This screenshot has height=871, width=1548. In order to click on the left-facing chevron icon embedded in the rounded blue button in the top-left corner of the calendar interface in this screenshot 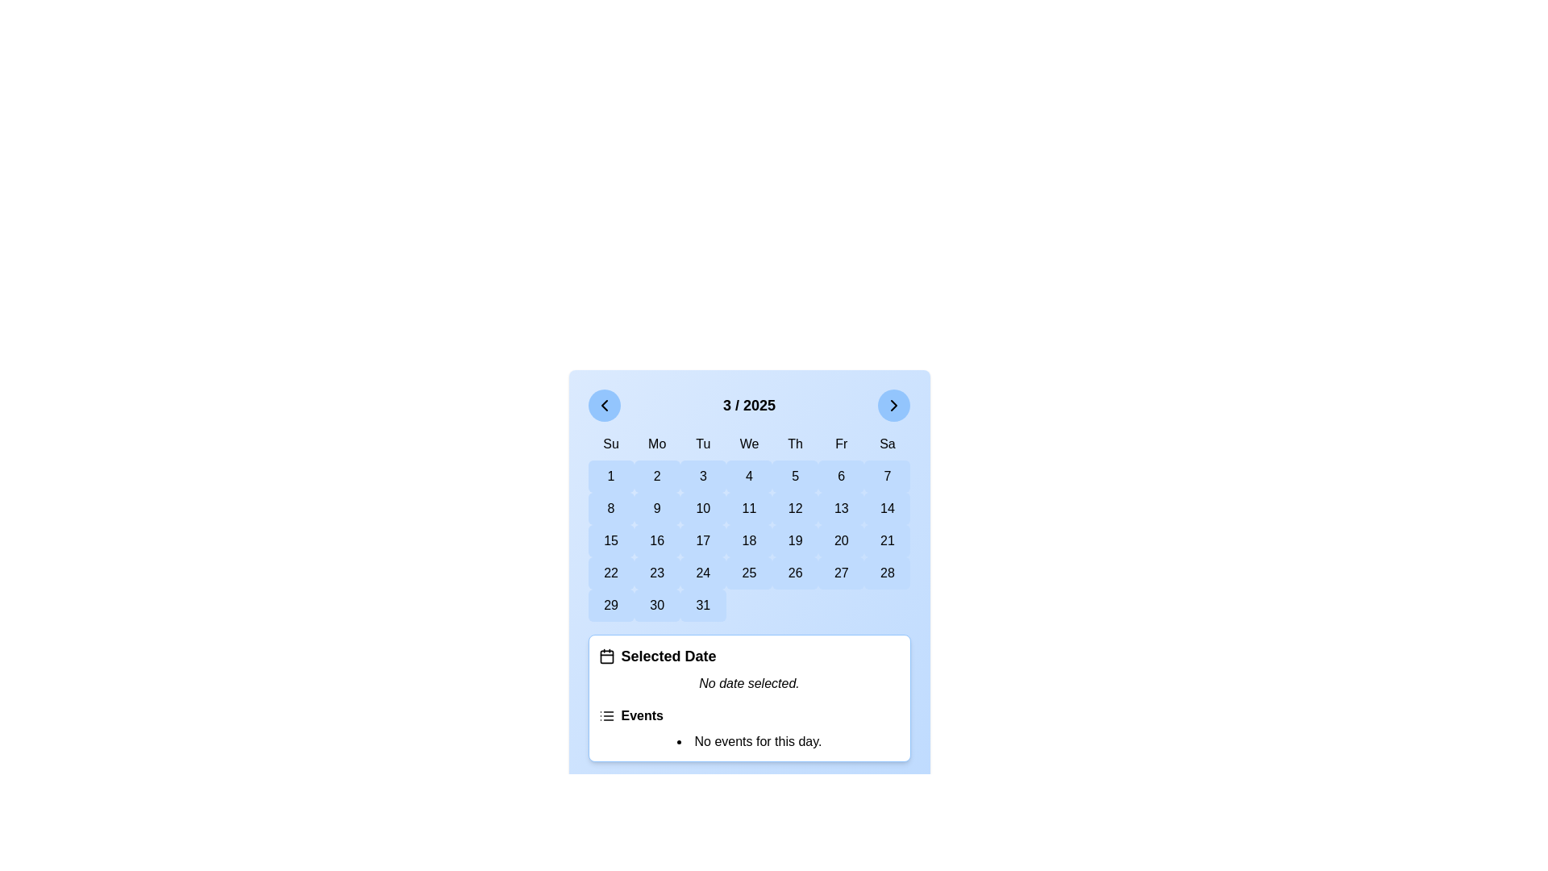, I will do `click(603, 404)`.